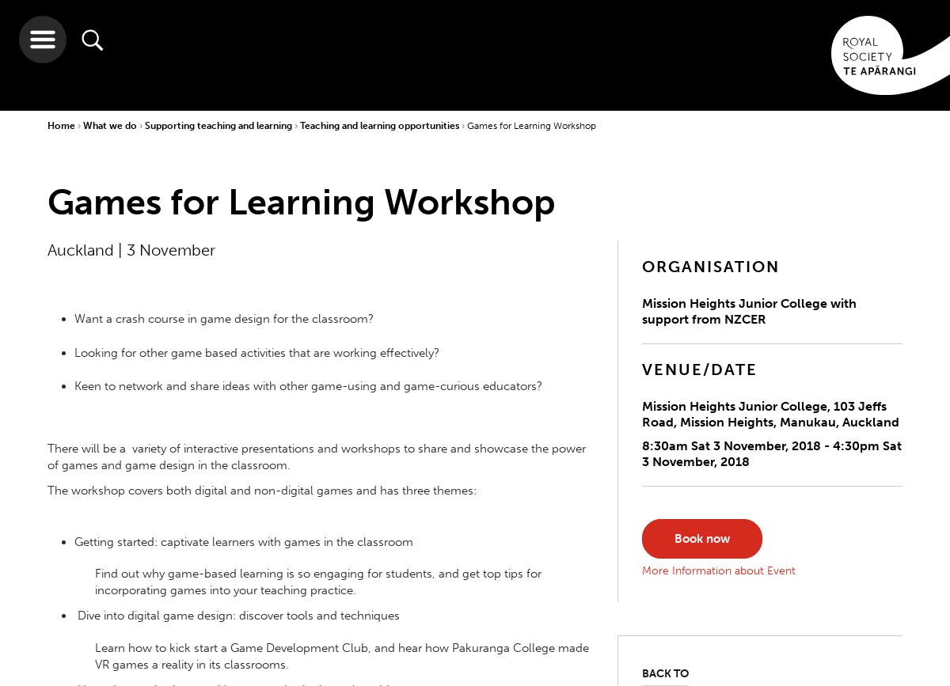 This screenshot has width=950, height=686. Describe the element at coordinates (342, 654) in the screenshot. I see `'Learn how to kick start a Game Development Club, and hear how Pakuranga College made VR games a reality in its classrooms.'` at that location.